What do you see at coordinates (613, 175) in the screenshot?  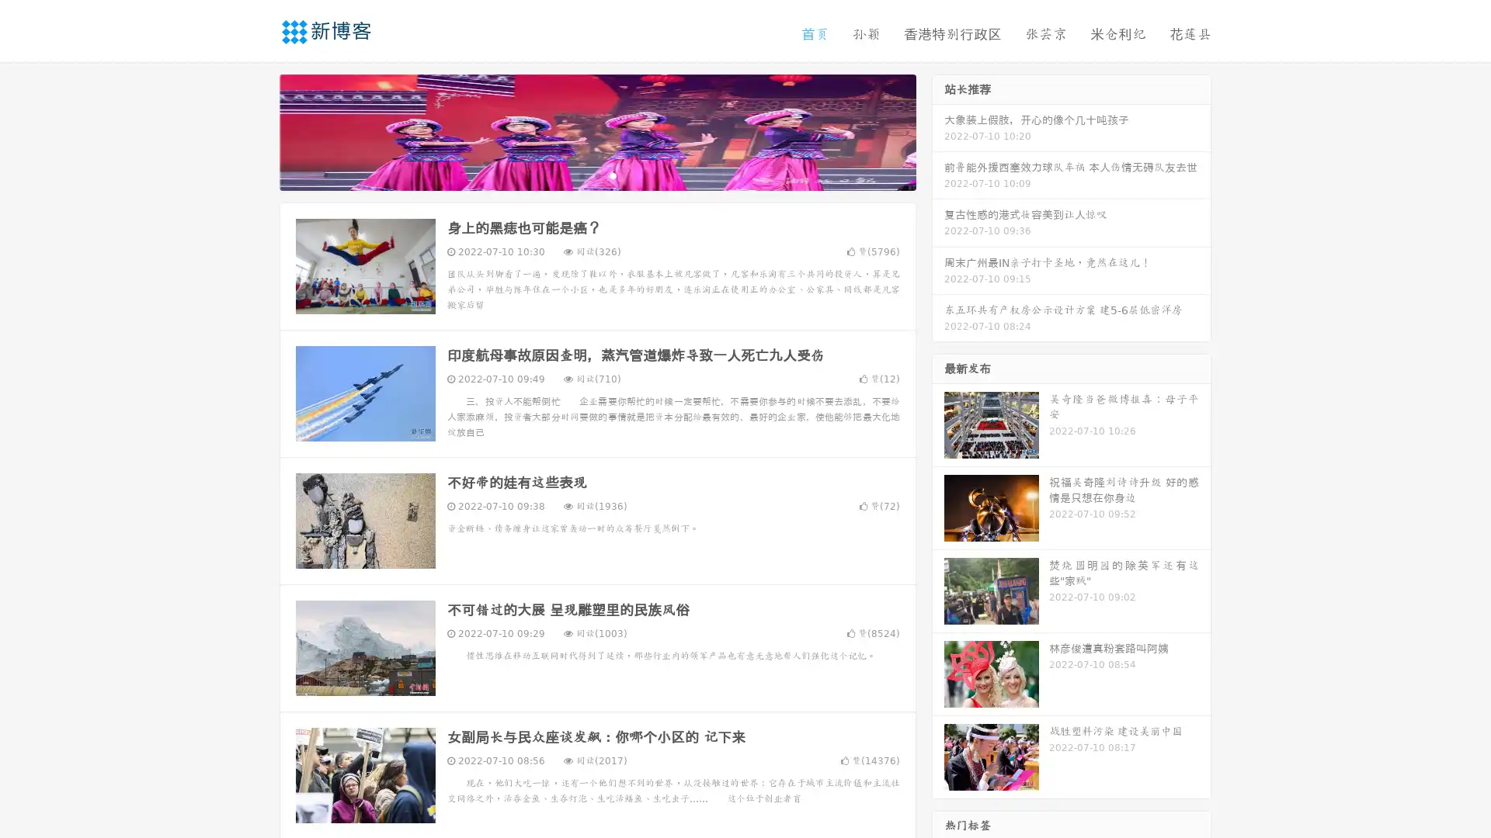 I see `Go to slide 3` at bounding box center [613, 175].